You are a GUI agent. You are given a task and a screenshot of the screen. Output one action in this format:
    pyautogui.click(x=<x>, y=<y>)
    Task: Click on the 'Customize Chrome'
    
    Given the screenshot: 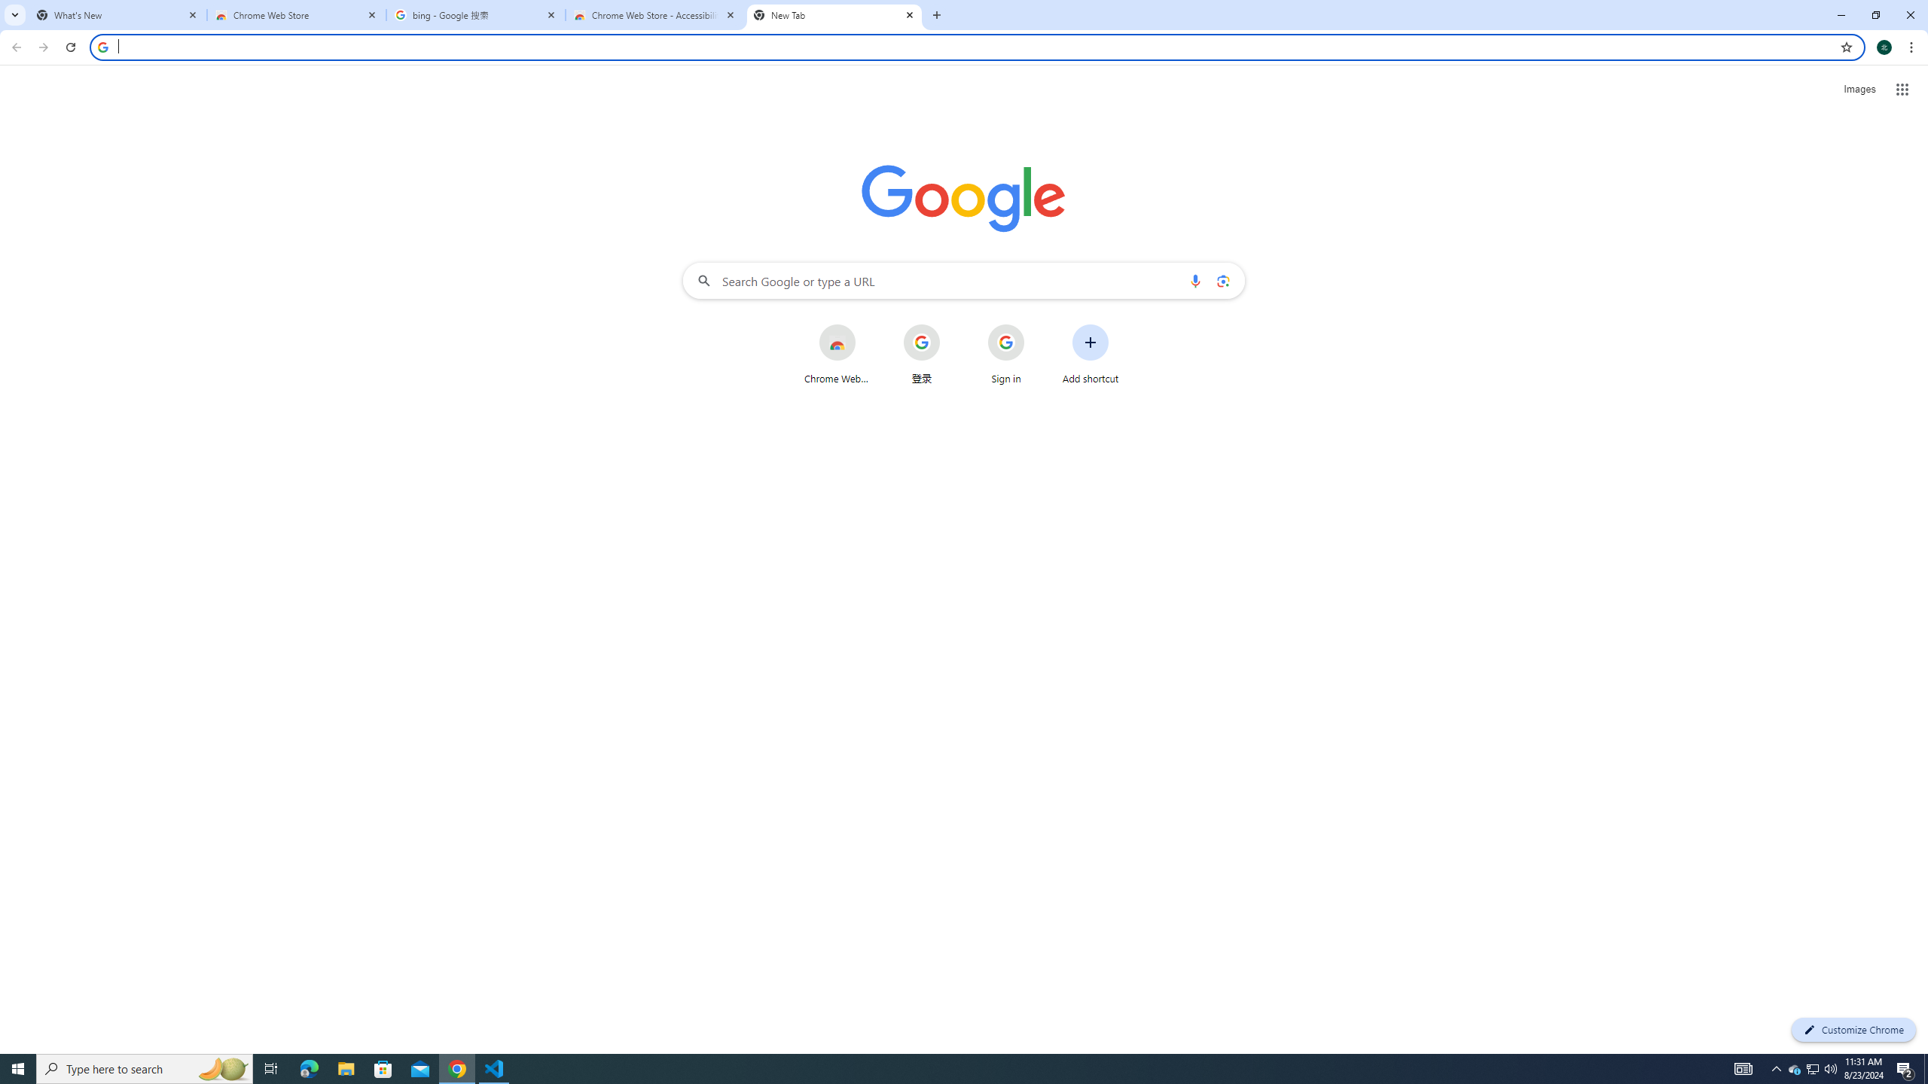 What is the action you would take?
    pyautogui.click(x=1853, y=1029)
    